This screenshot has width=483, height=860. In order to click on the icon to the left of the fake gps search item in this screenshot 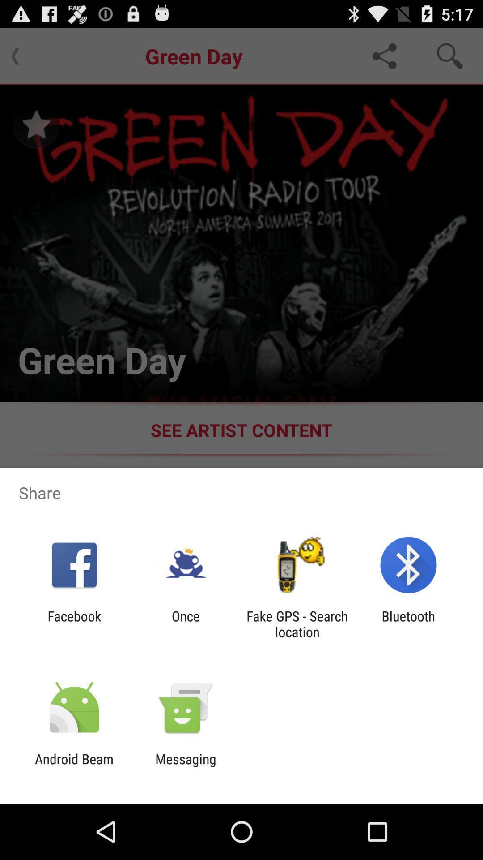, I will do `click(185, 623)`.